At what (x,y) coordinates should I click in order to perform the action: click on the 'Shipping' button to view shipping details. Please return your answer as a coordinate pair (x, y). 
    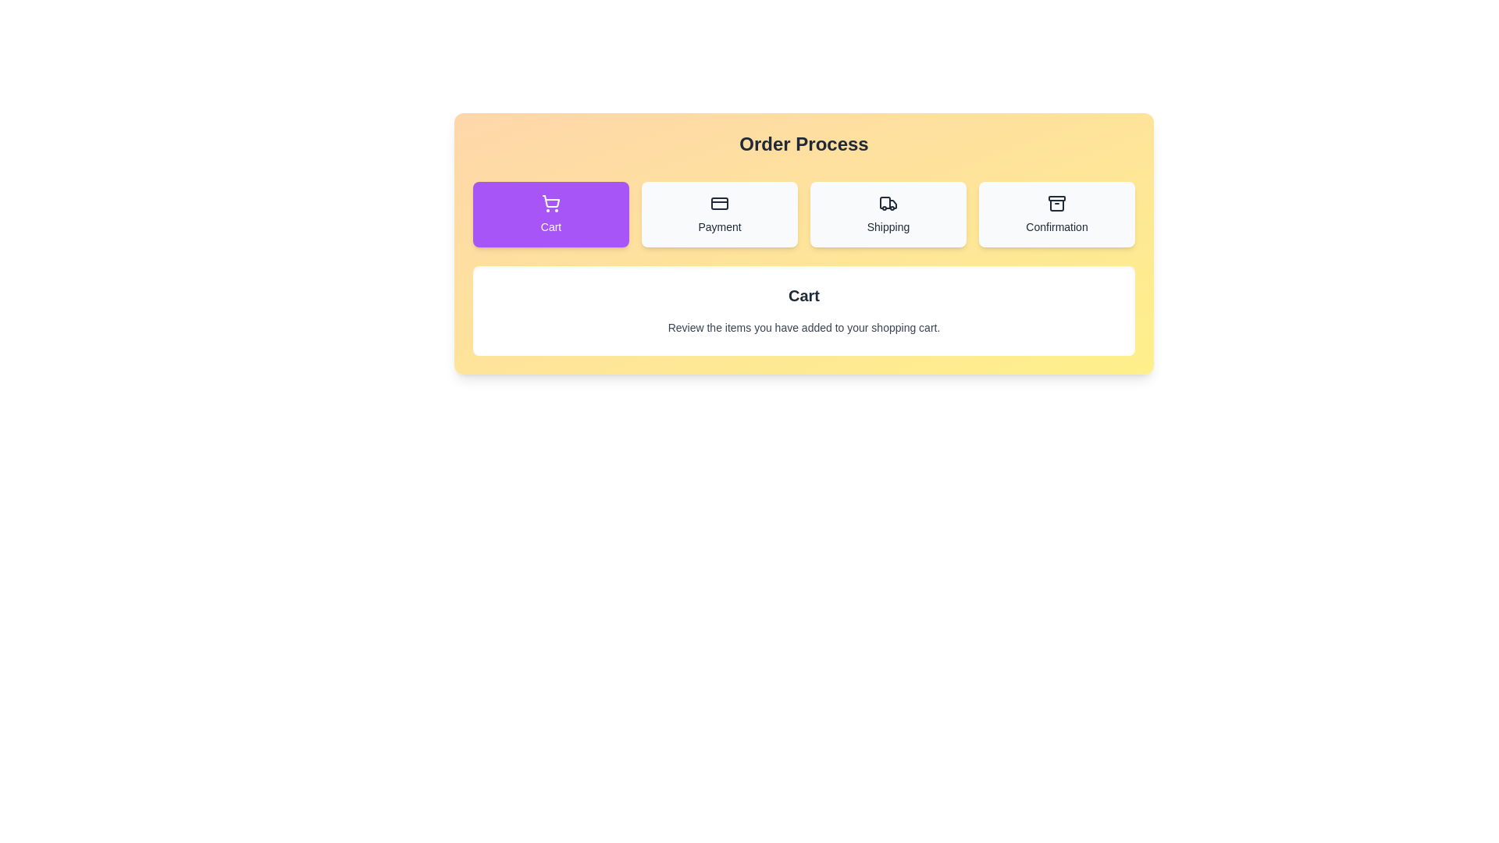
    Looking at the image, I should click on (888, 214).